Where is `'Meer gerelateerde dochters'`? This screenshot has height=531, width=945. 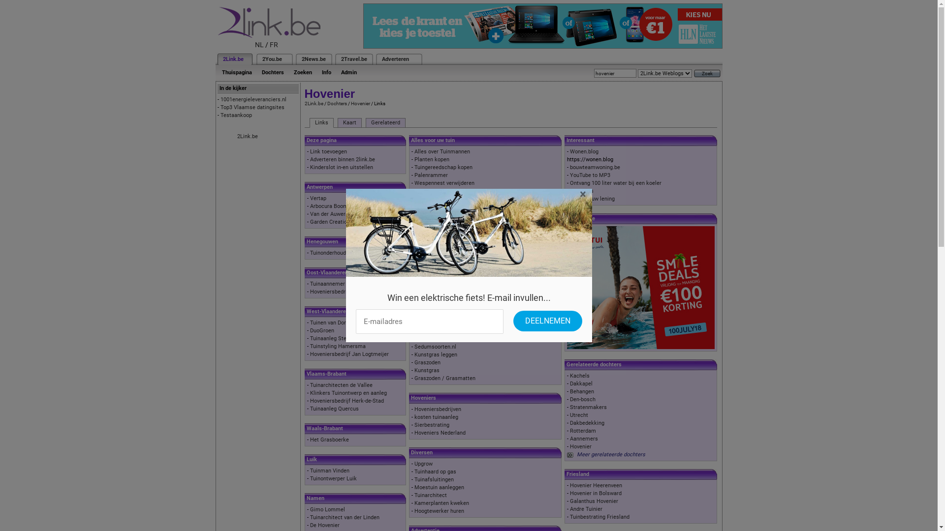 'Meer gerelateerde dochters' is located at coordinates (610, 454).